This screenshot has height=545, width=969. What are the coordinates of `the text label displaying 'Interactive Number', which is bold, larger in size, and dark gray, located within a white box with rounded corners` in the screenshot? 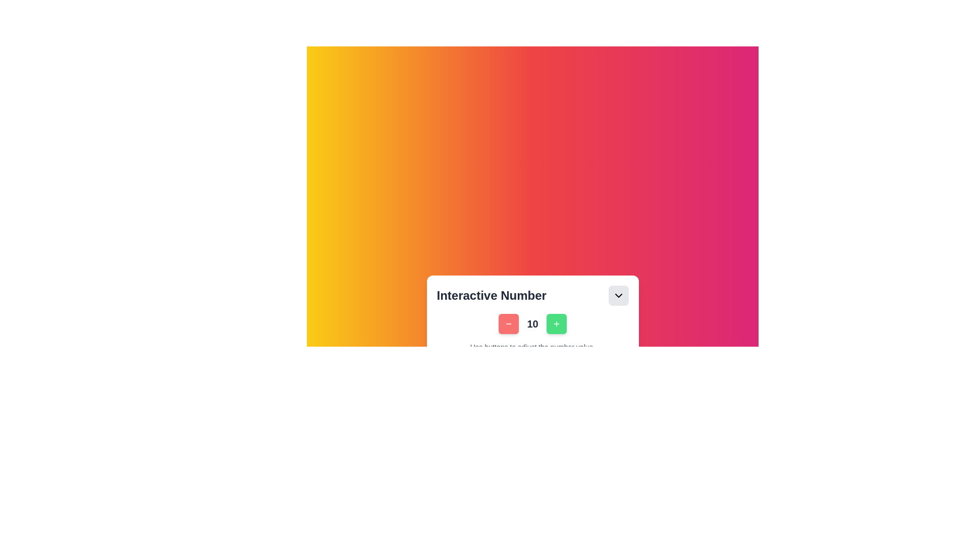 It's located at (492, 295).